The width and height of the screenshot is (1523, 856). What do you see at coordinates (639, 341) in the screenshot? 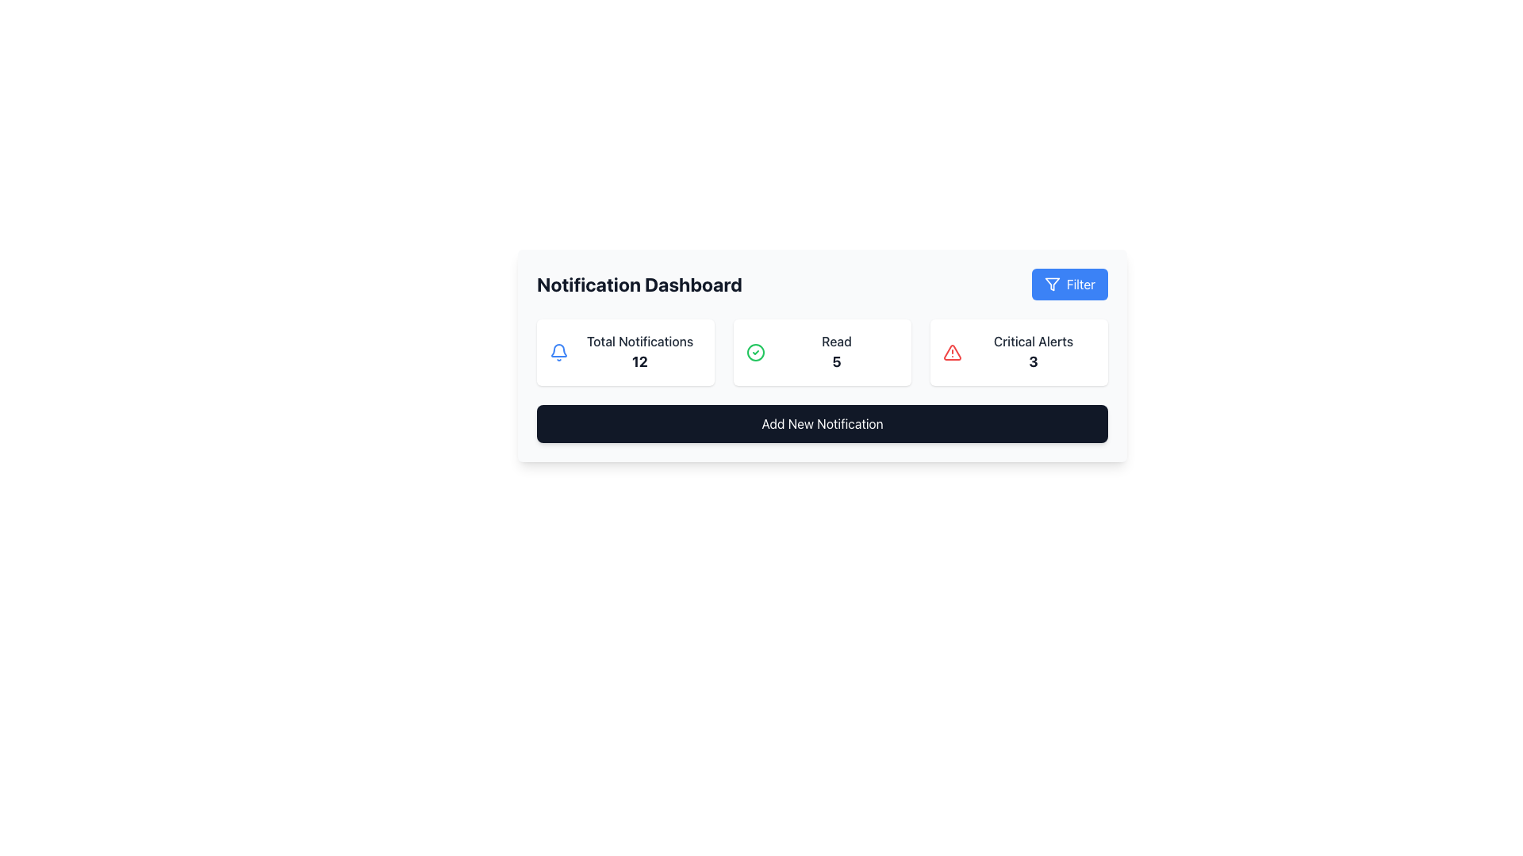
I see `the text label 'Total Notifications' which is styled in medium-sized gray font, located in the upper-left section of the notification metrics box, above the number '12'` at bounding box center [639, 341].